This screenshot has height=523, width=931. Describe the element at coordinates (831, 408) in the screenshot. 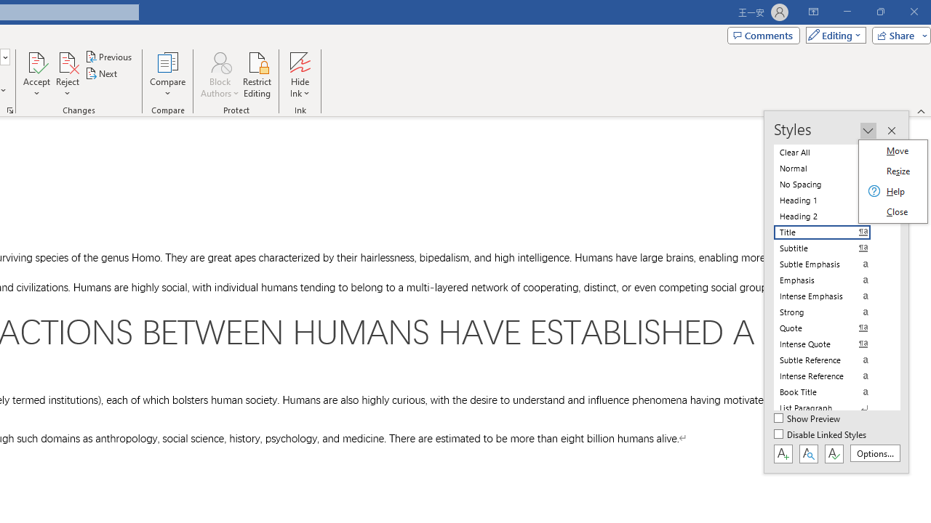

I see `'List Paragraph'` at that location.